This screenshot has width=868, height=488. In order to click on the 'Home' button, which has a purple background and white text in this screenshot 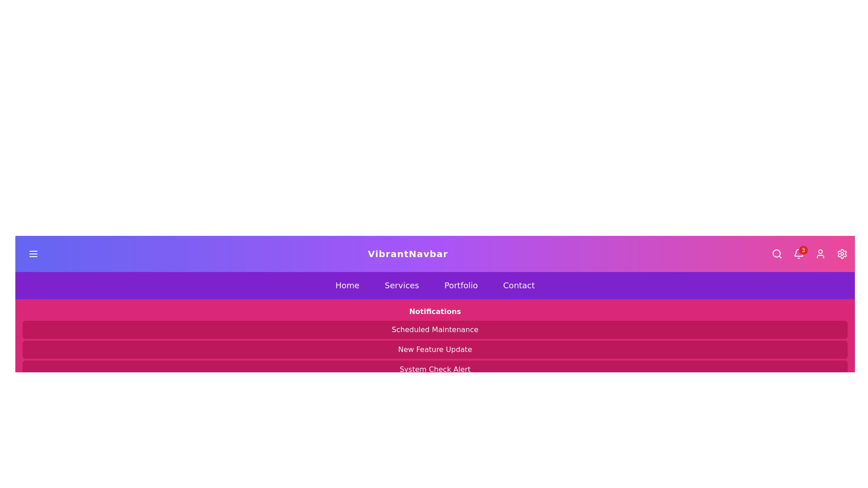, I will do `click(347, 286)`.